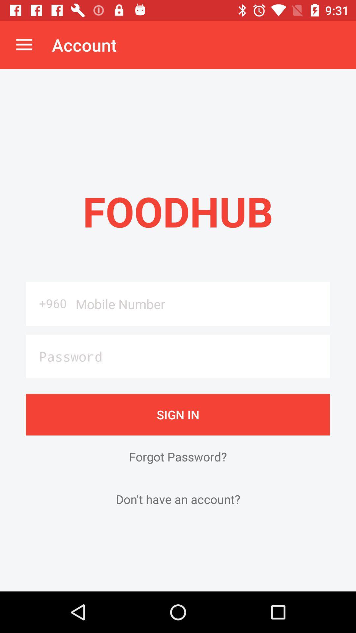  I want to click on phone number entry box, so click(200, 304).